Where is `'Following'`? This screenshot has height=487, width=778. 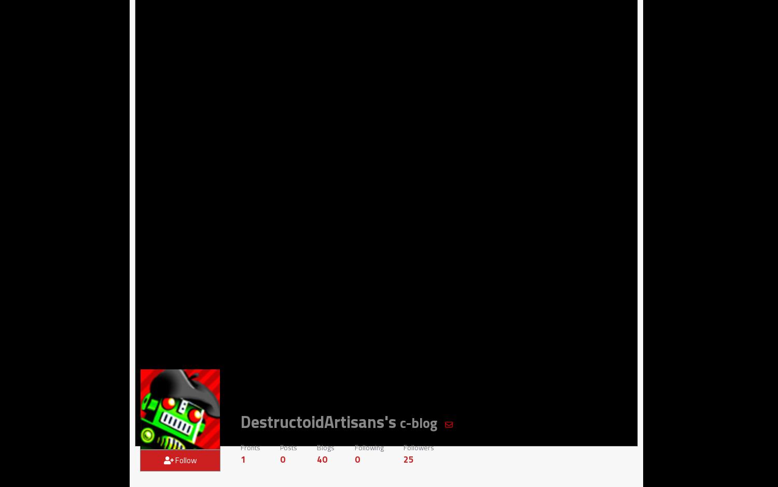
'Following' is located at coordinates (368, 447).